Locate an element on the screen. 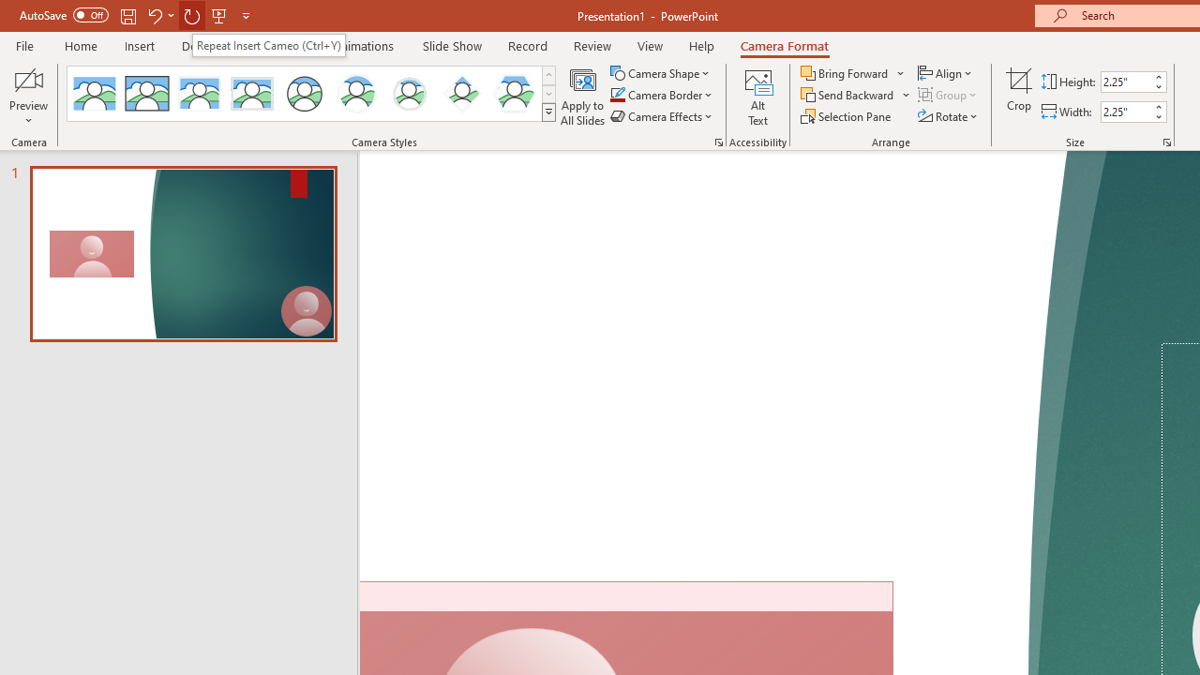 The width and height of the screenshot is (1200, 675). 'Camera Format' is located at coordinates (785, 45).